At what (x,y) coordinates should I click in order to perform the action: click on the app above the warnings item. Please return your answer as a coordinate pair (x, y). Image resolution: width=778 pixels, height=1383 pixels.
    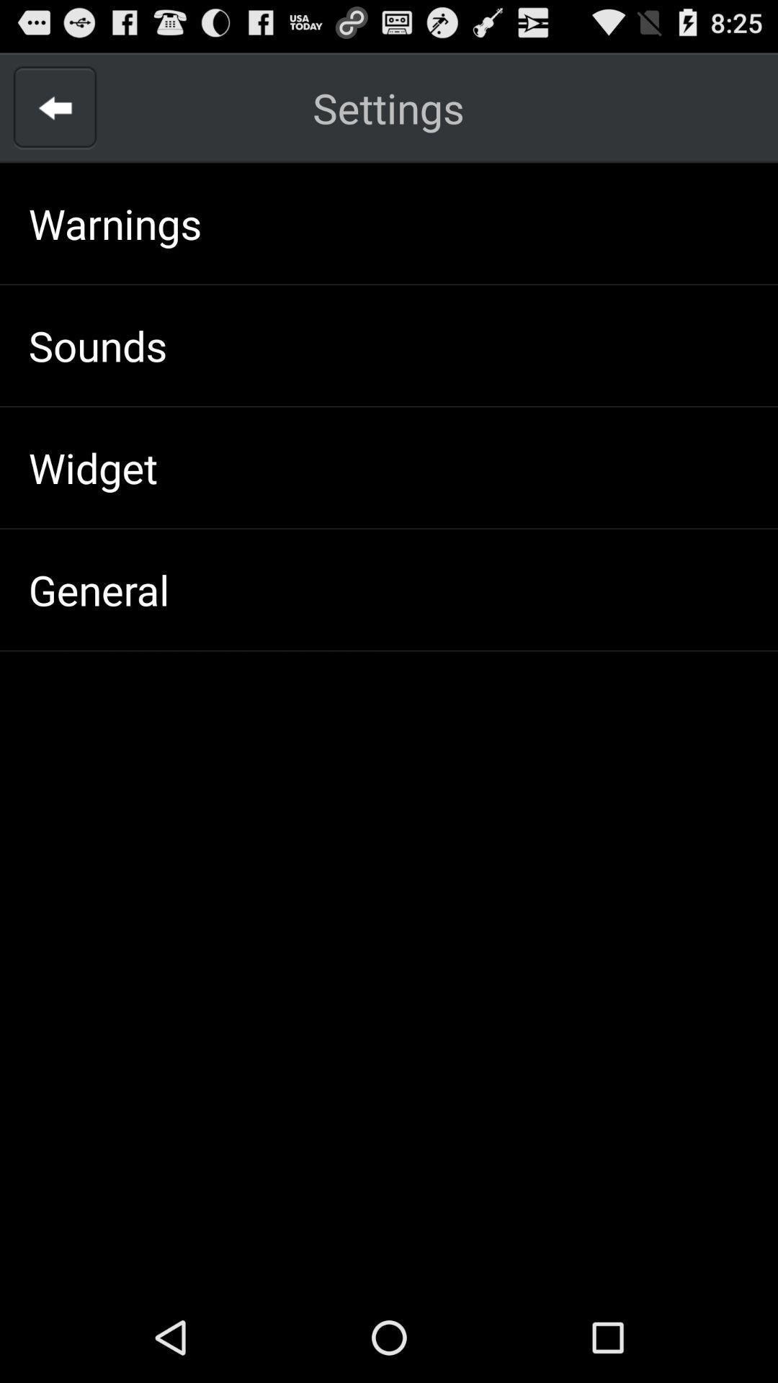
    Looking at the image, I should click on (54, 107).